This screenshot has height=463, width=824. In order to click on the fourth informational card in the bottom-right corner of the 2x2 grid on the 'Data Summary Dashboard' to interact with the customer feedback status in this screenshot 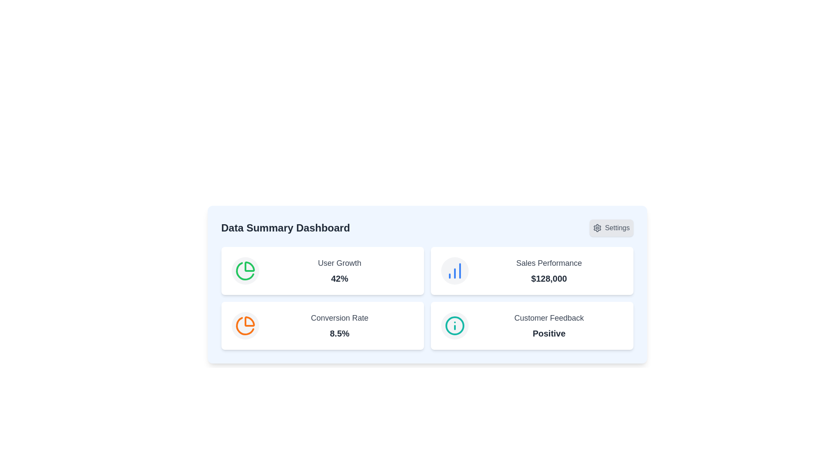, I will do `click(531, 325)`.